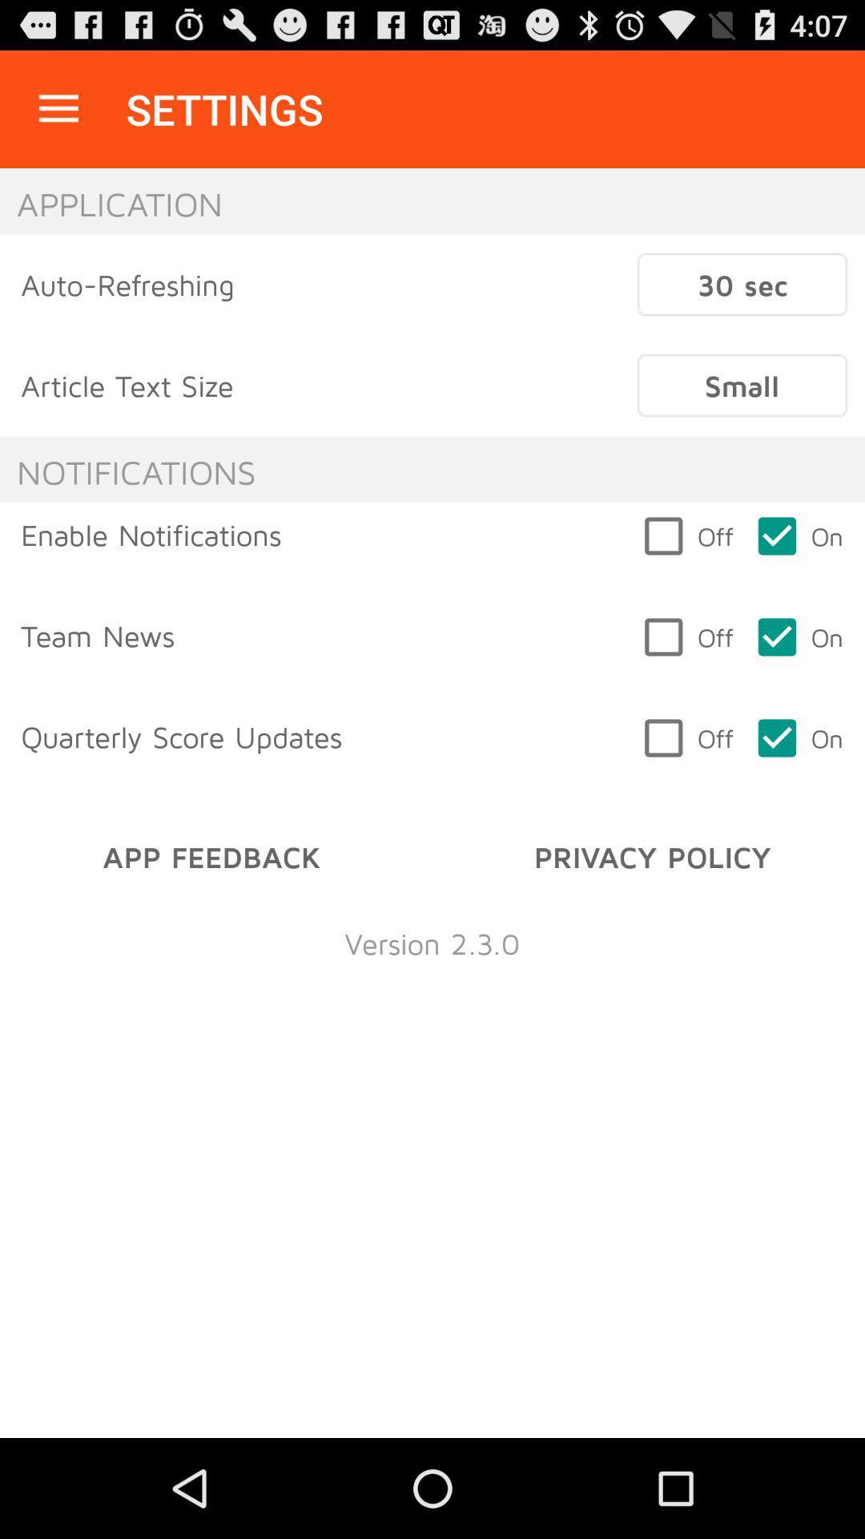 Image resolution: width=865 pixels, height=1539 pixels. I want to click on the item above the application item, so click(58, 108).